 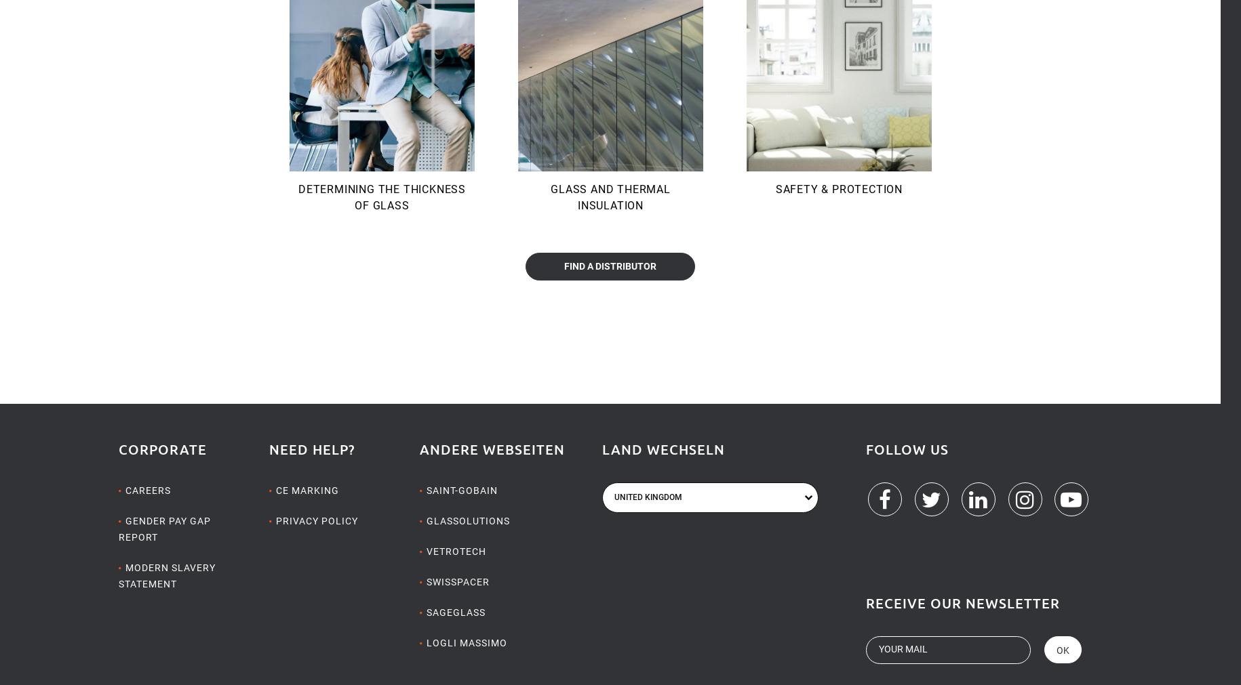 What do you see at coordinates (906, 449) in the screenshot?
I see `'Follow us'` at bounding box center [906, 449].